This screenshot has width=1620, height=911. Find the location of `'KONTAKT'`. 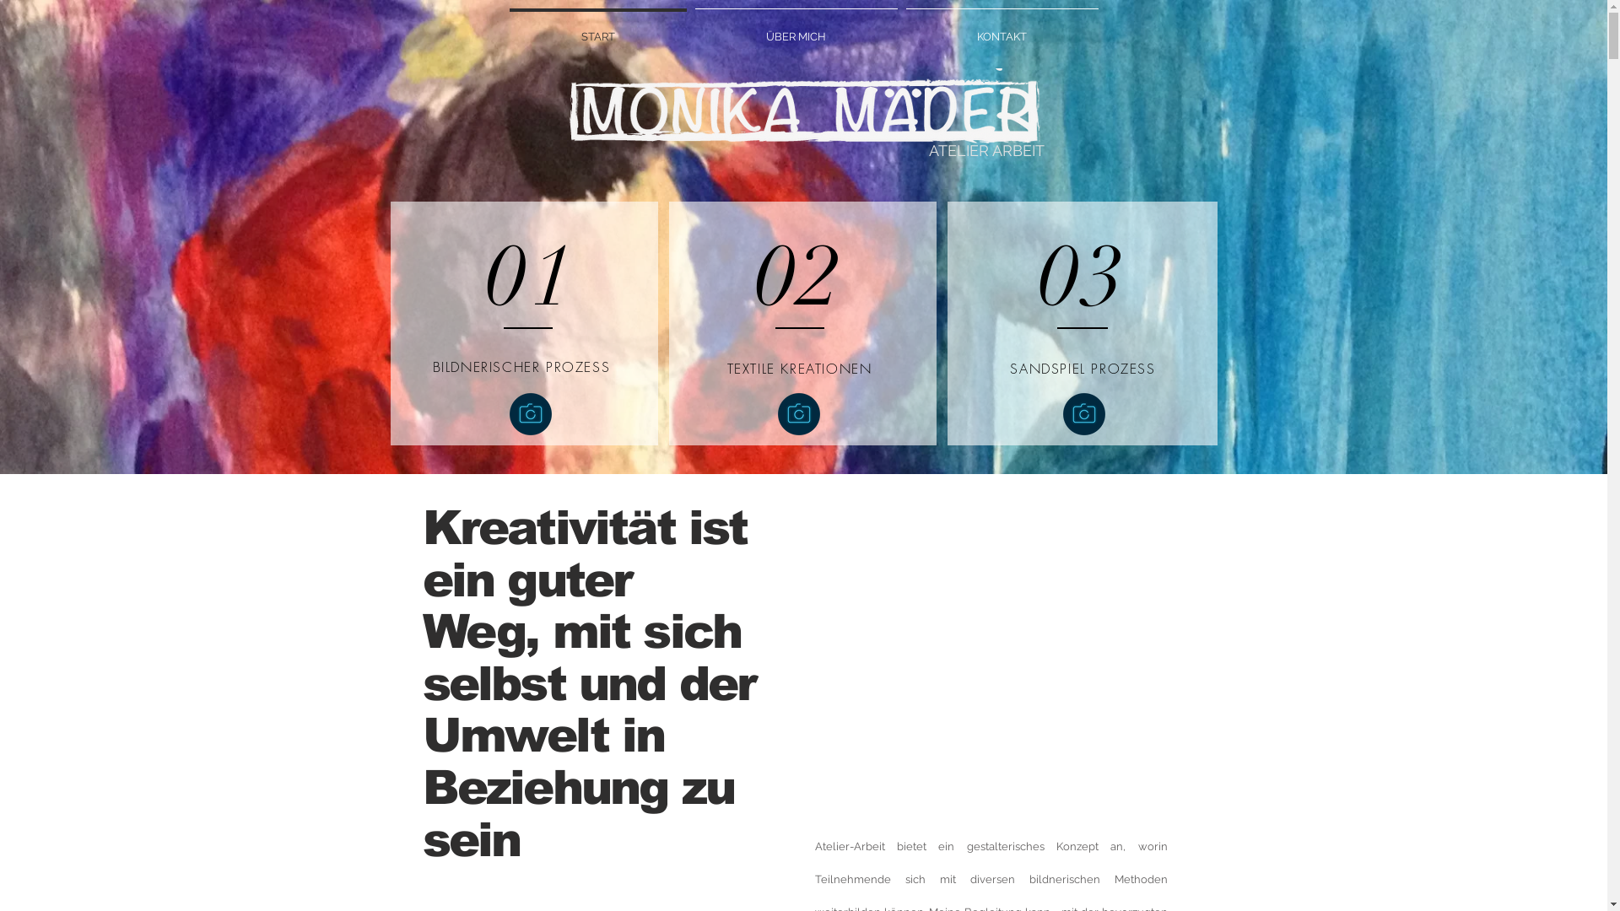

'KONTAKT' is located at coordinates (1001, 29).